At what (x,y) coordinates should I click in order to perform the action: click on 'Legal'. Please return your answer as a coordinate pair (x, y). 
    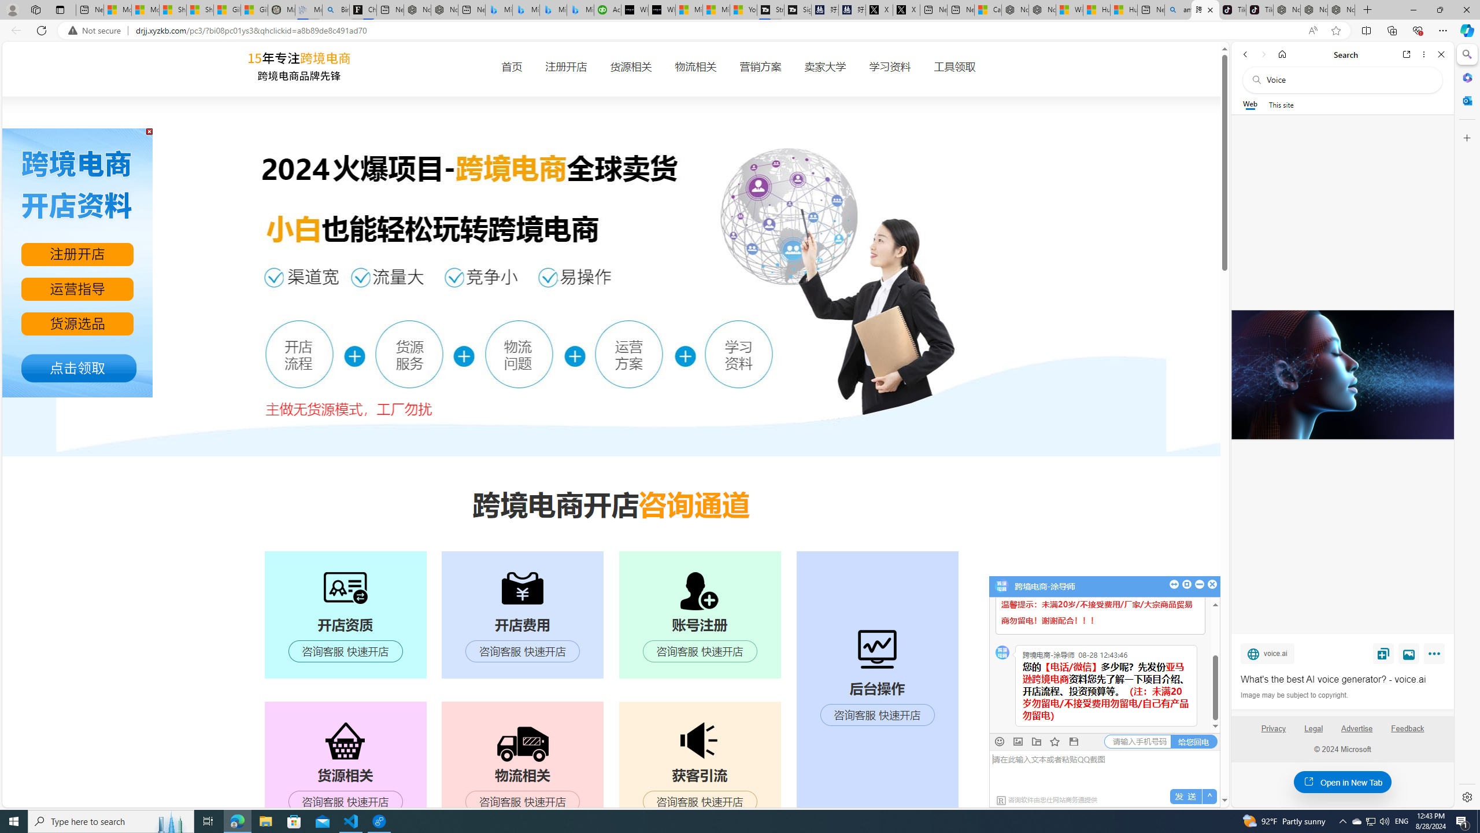
    Looking at the image, I should click on (1313, 728).